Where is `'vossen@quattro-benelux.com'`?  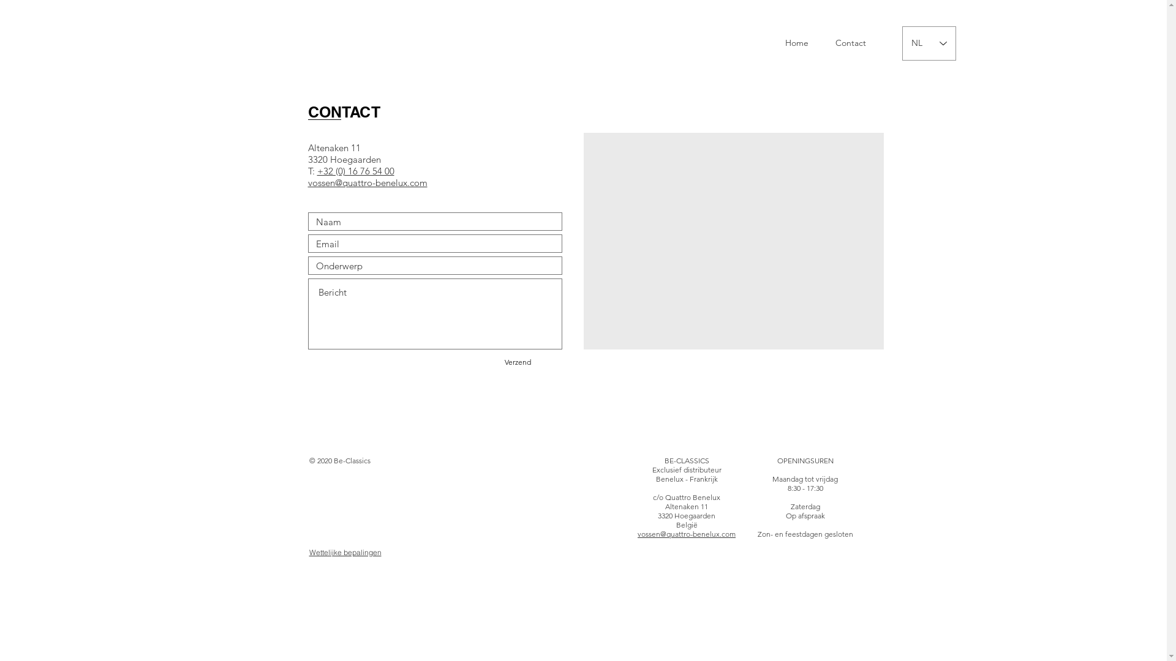 'vossen@quattro-benelux.com' is located at coordinates (366, 183).